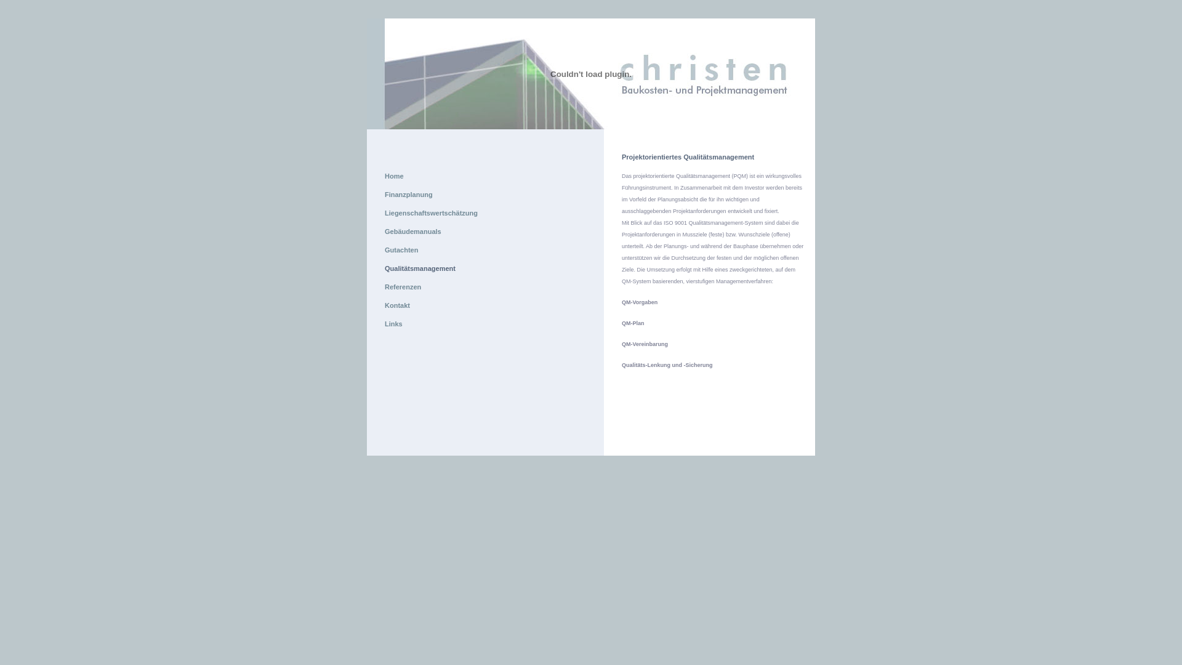 This screenshot has width=1182, height=665. Describe the element at coordinates (403, 287) in the screenshot. I see `'Referenzen'` at that location.